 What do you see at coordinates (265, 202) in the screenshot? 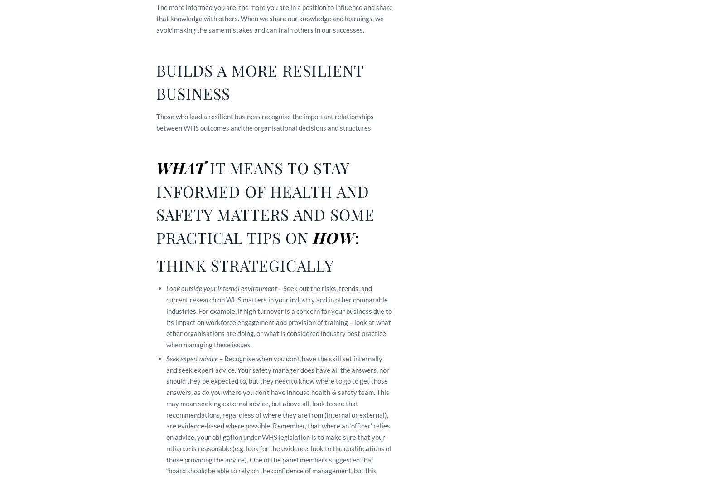
I see `'IT MEANS TO STAY INFORMED OF HEALTH AND SAFETY MATTERS AND SOME PRACTICAL TIPS ON'` at bounding box center [265, 202].